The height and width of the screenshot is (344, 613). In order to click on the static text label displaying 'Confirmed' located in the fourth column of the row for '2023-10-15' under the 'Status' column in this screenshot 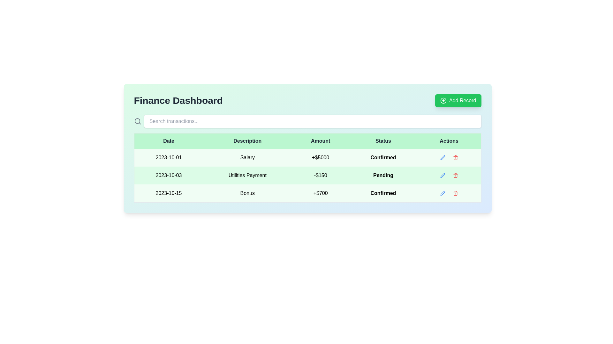, I will do `click(383, 193)`.